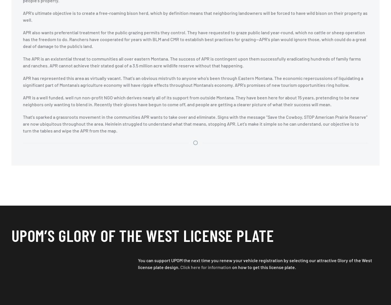  What do you see at coordinates (255, 263) in the screenshot?
I see `'You can support UPOM the next time you renew your vehicle registration by selecting our attractive Glory of the West license plate design.'` at bounding box center [255, 263].